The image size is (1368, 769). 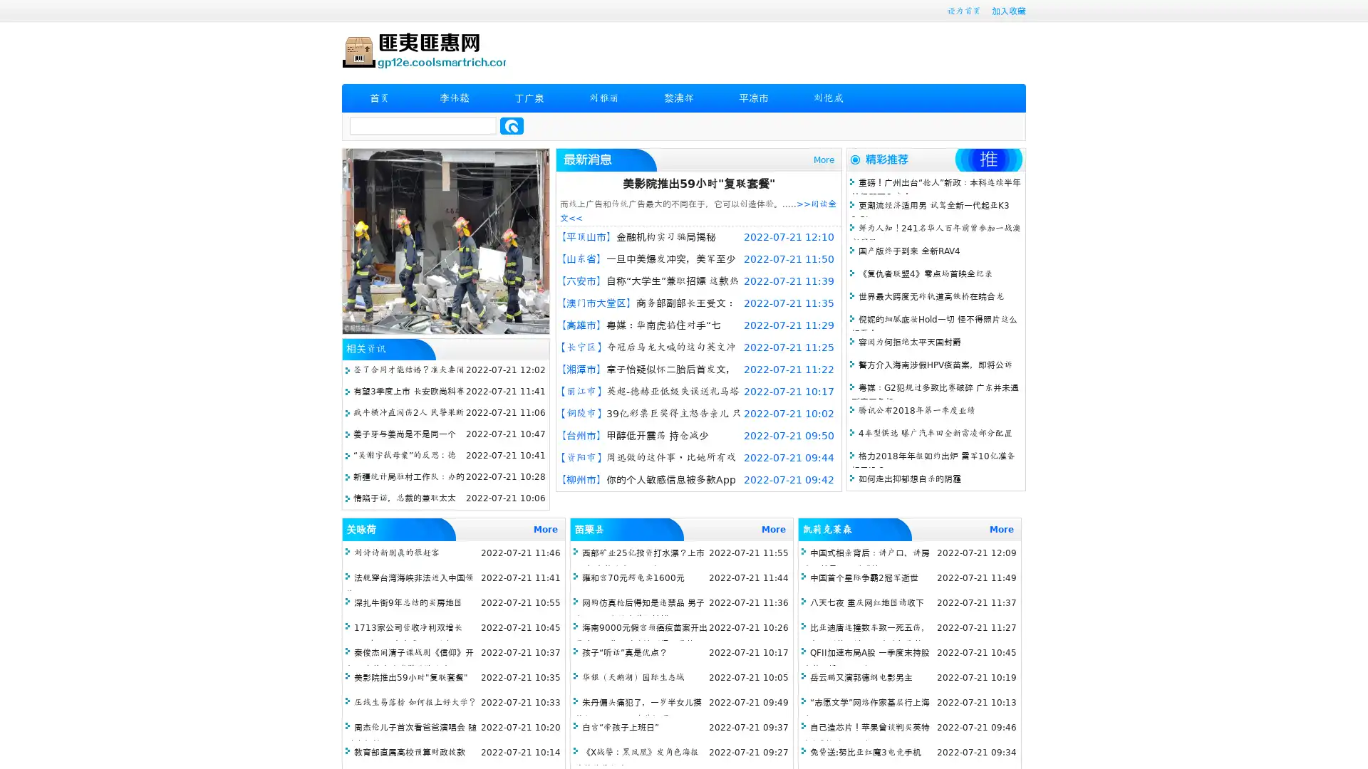 I want to click on Search, so click(x=512, y=125).